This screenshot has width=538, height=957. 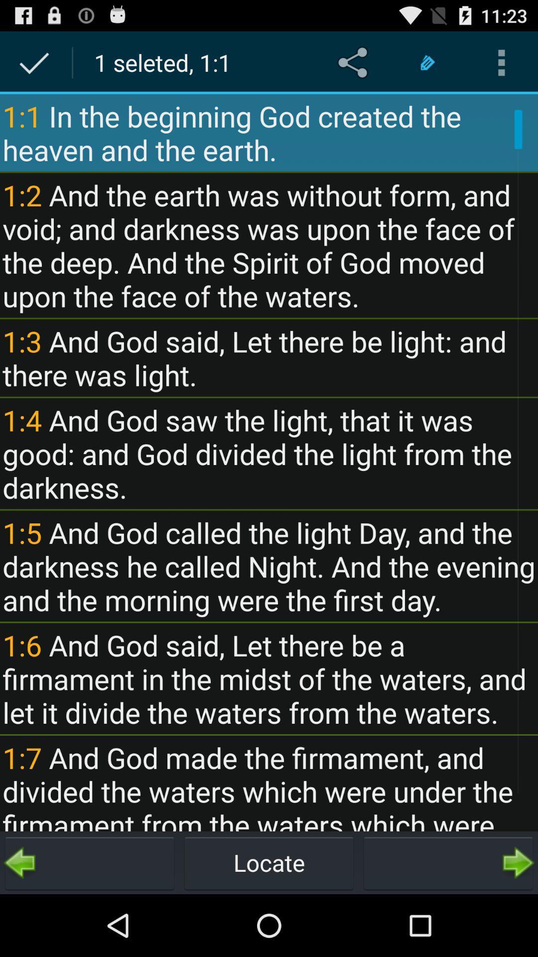 I want to click on go next page, so click(x=447, y=862).